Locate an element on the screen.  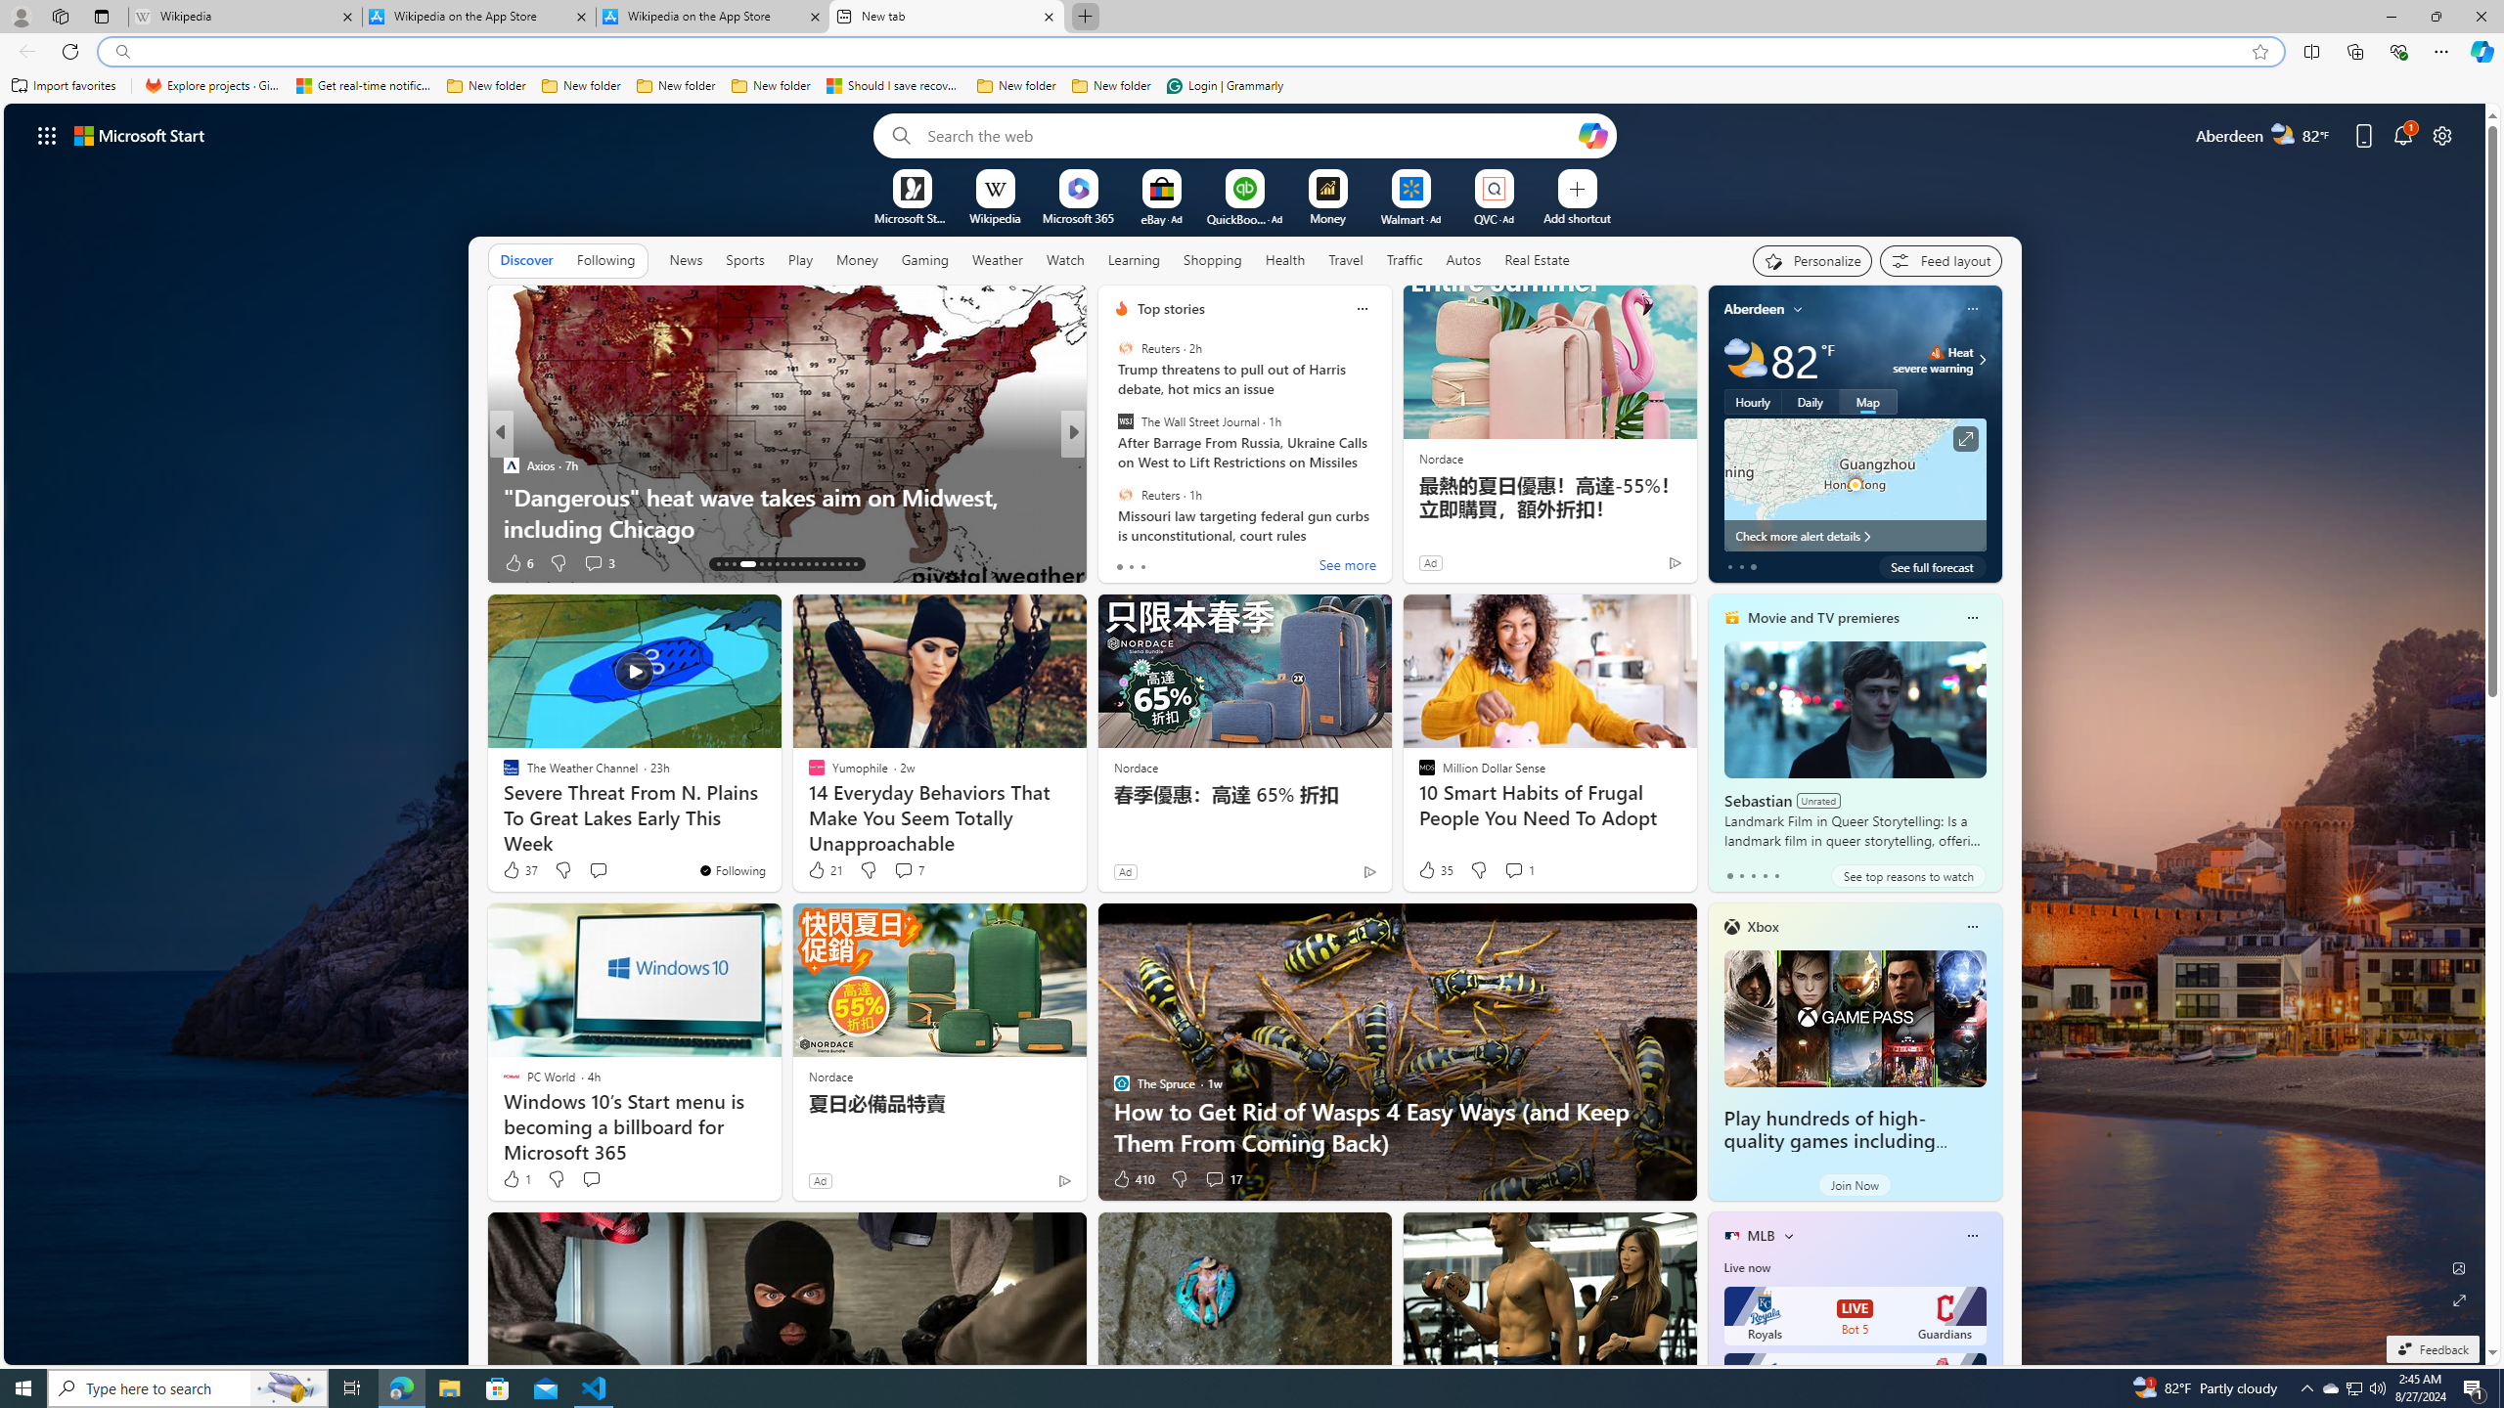
'View comments 4 Comment' is located at coordinates (1213, 562).